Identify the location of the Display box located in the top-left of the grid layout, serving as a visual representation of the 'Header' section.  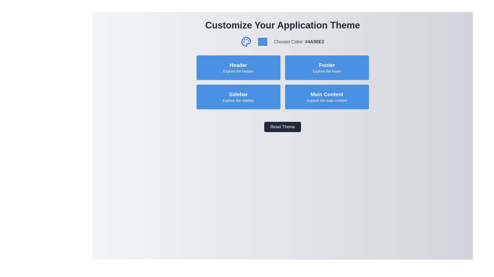
(238, 67).